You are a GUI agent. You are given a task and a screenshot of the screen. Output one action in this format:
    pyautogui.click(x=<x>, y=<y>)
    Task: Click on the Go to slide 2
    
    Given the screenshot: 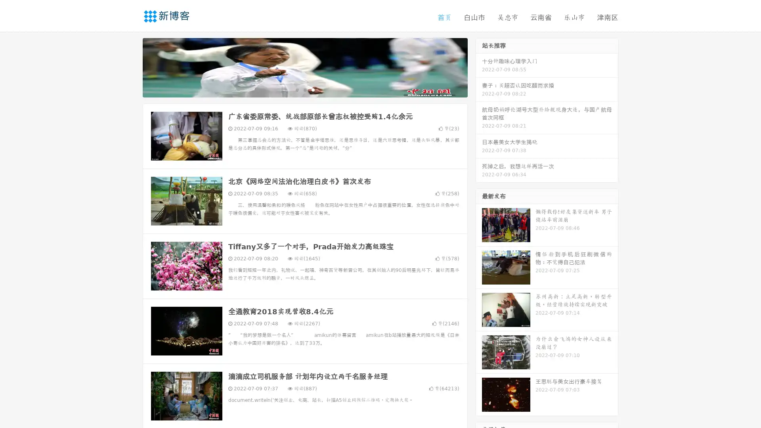 What is the action you would take?
    pyautogui.click(x=304, y=89)
    